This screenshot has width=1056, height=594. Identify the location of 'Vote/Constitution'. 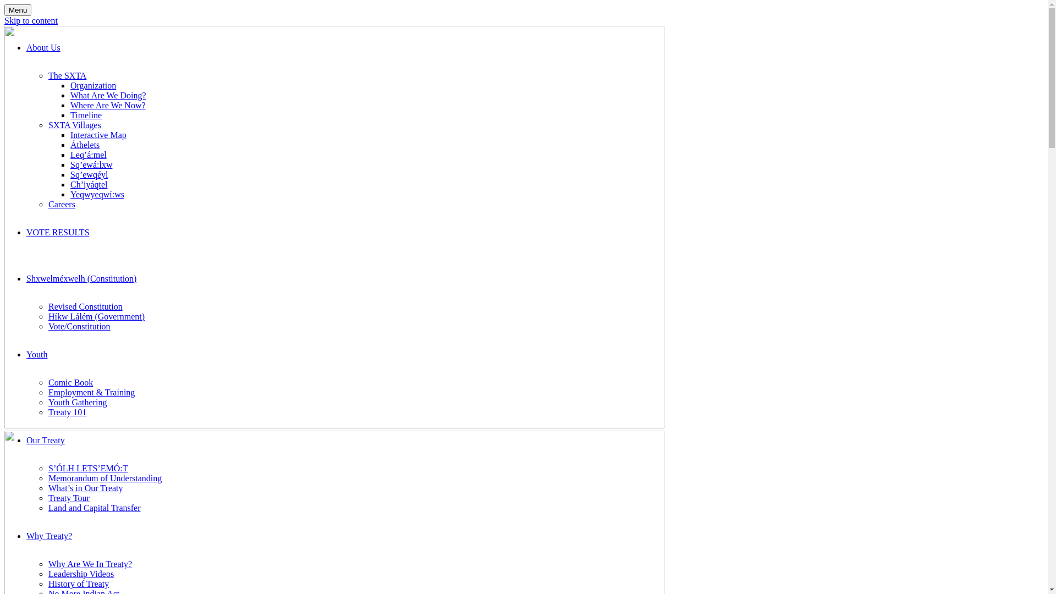
(47, 326).